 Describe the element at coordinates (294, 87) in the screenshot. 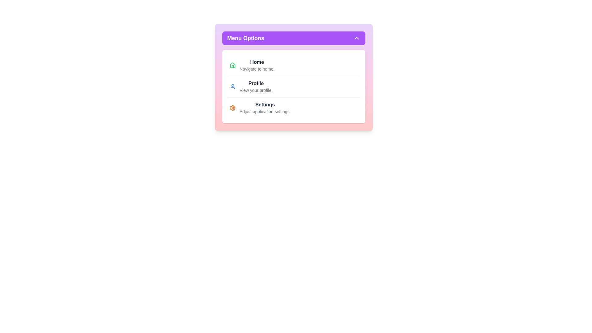

I see `the 'Profile' option in the menu` at that location.